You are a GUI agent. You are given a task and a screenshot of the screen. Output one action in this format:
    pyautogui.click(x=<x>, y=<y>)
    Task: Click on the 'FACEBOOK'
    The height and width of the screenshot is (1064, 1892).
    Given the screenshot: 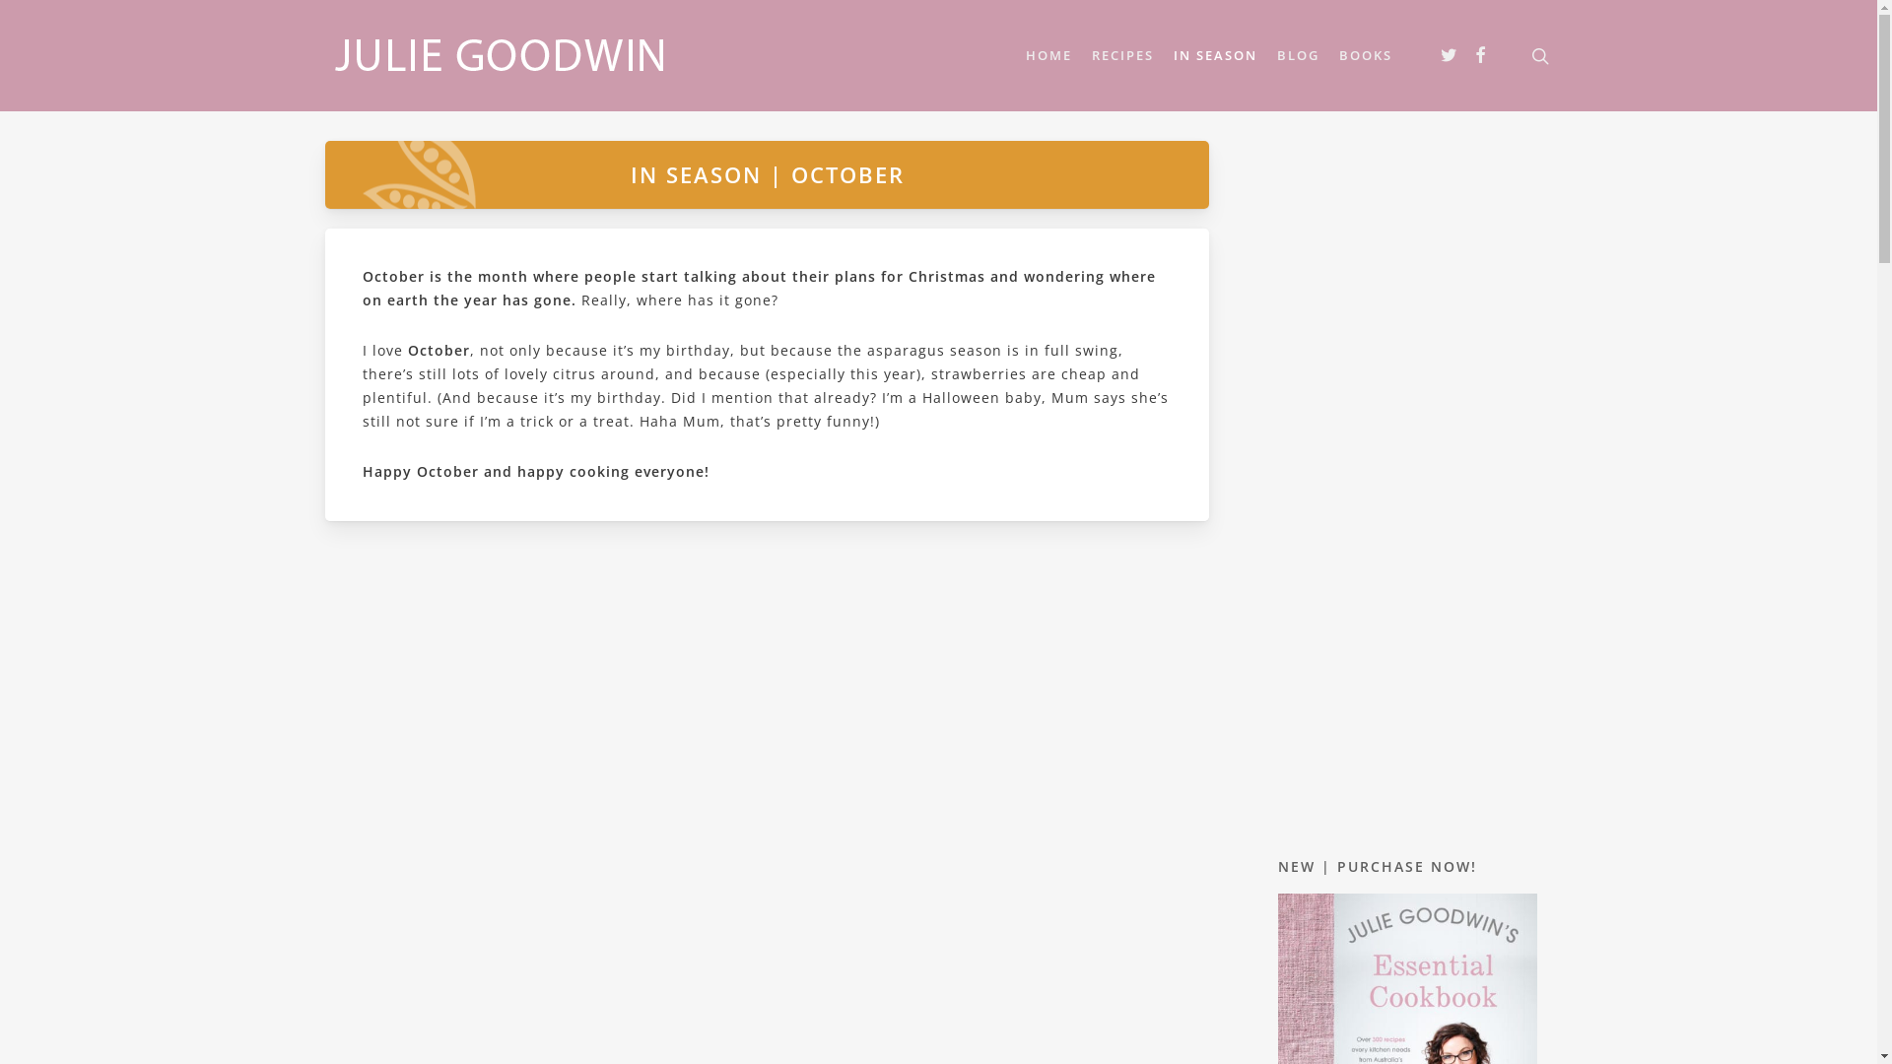 What is the action you would take?
    pyautogui.click(x=1466, y=55)
    